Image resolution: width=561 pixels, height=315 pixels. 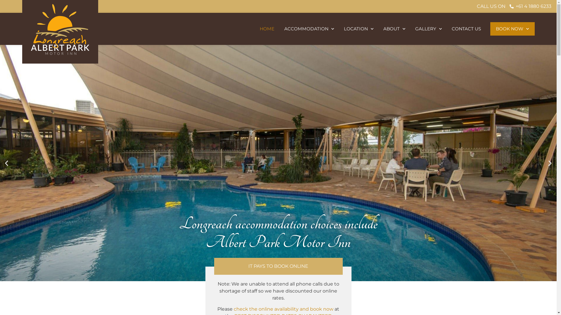 I want to click on 'CONTACT US', so click(x=465, y=29).